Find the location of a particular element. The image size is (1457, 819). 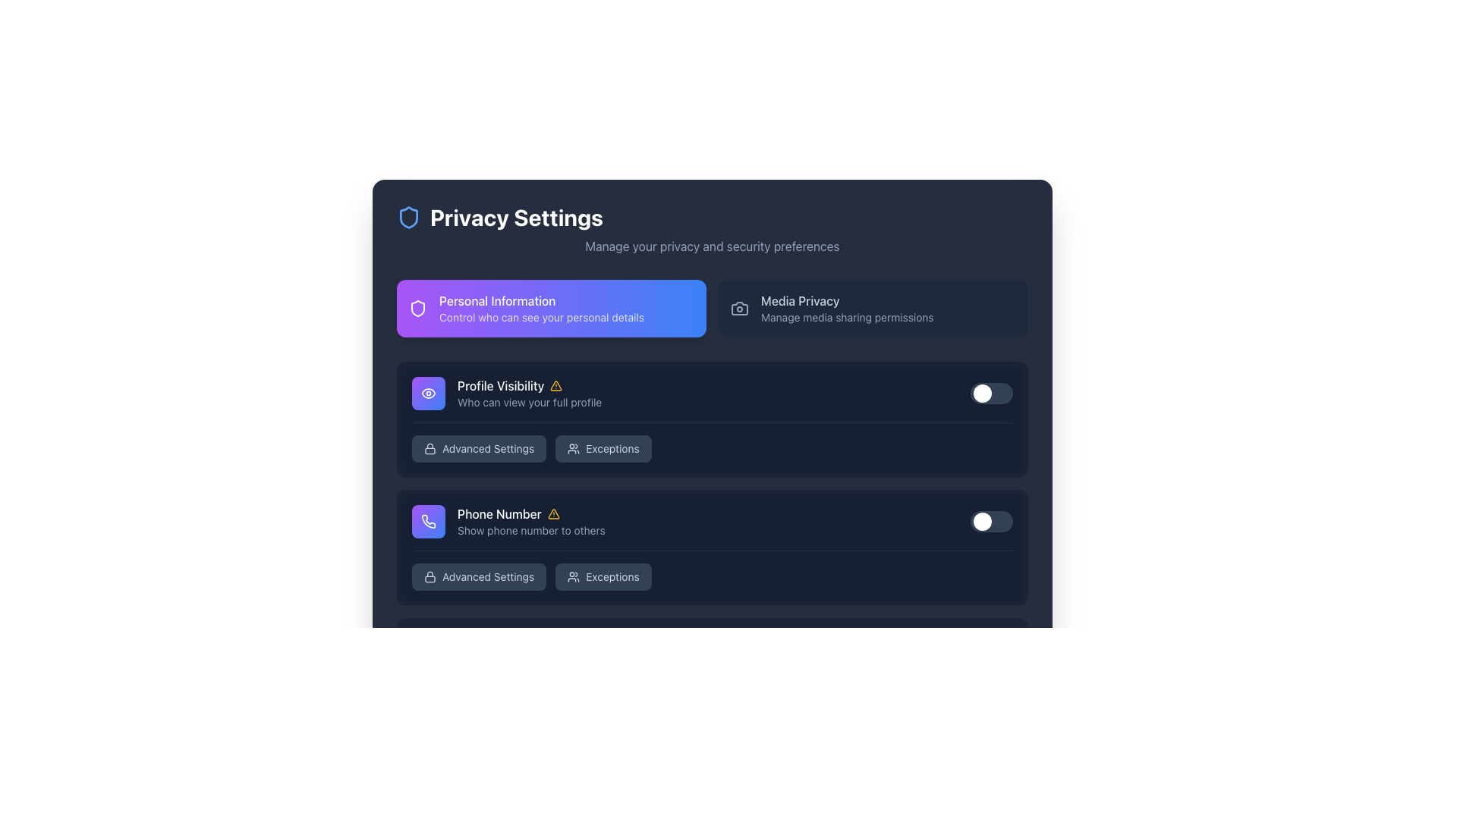

the 'Exceptions' button, which has a dark slate background, rounded edges, and is located in the middle-right section of the interface is located at coordinates (603, 704).